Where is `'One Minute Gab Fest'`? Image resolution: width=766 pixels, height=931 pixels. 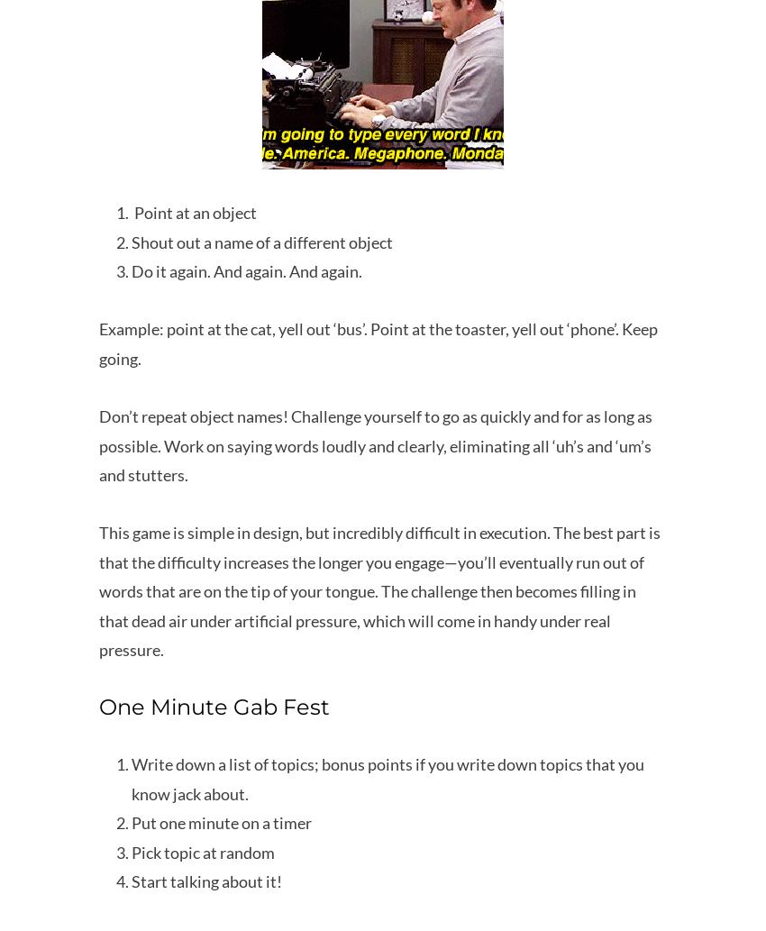
'One Minute Gab Fest' is located at coordinates (214, 707).